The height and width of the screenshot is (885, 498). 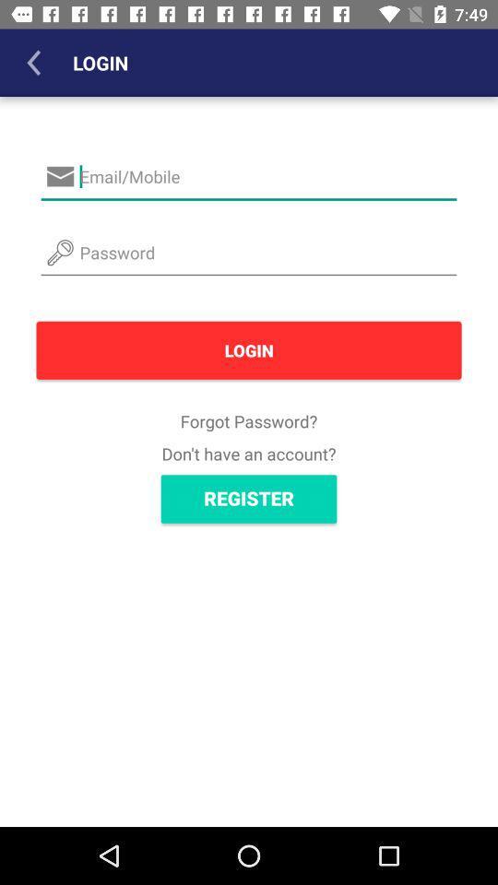 What do you see at coordinates (249, 421) in the screenshot?
I see `forgot password? icon` at bounding box center [249, 421].